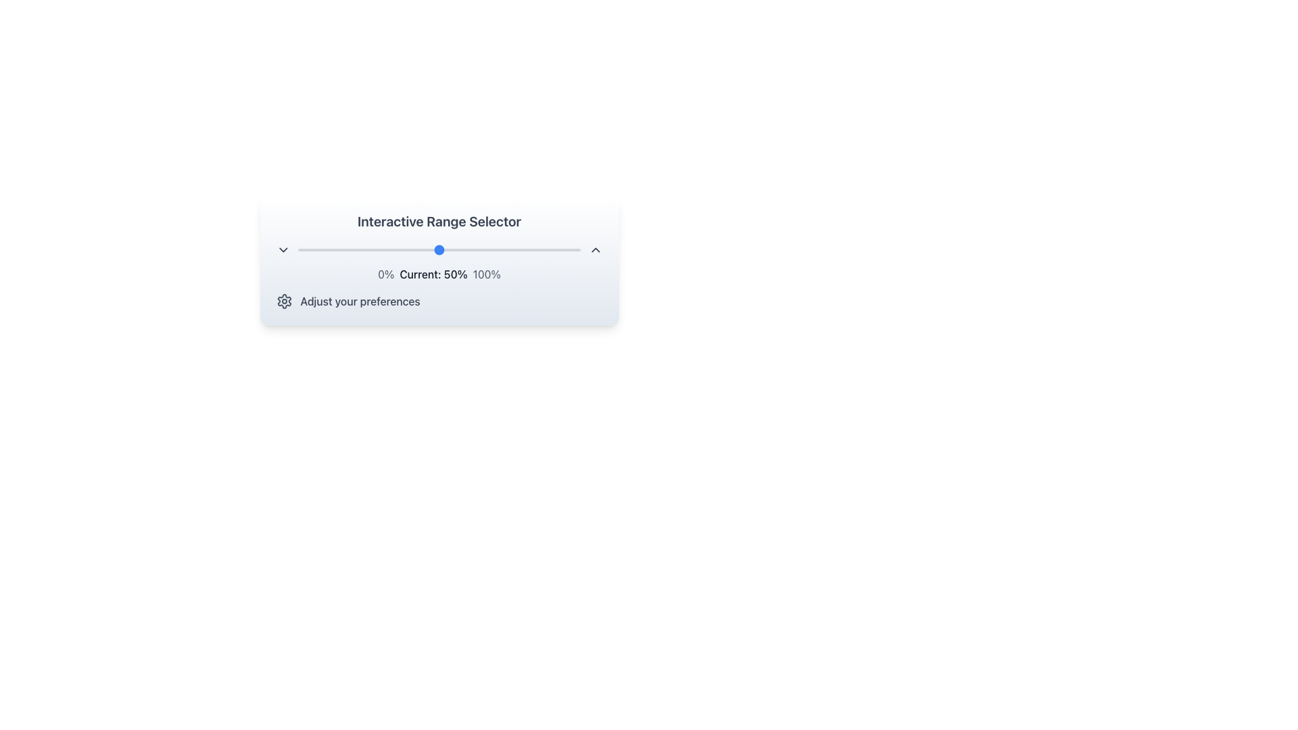  What do you see at coordinates (517, 250) in the screenshot?
I see `slider value` at bounding box center [517, 250].